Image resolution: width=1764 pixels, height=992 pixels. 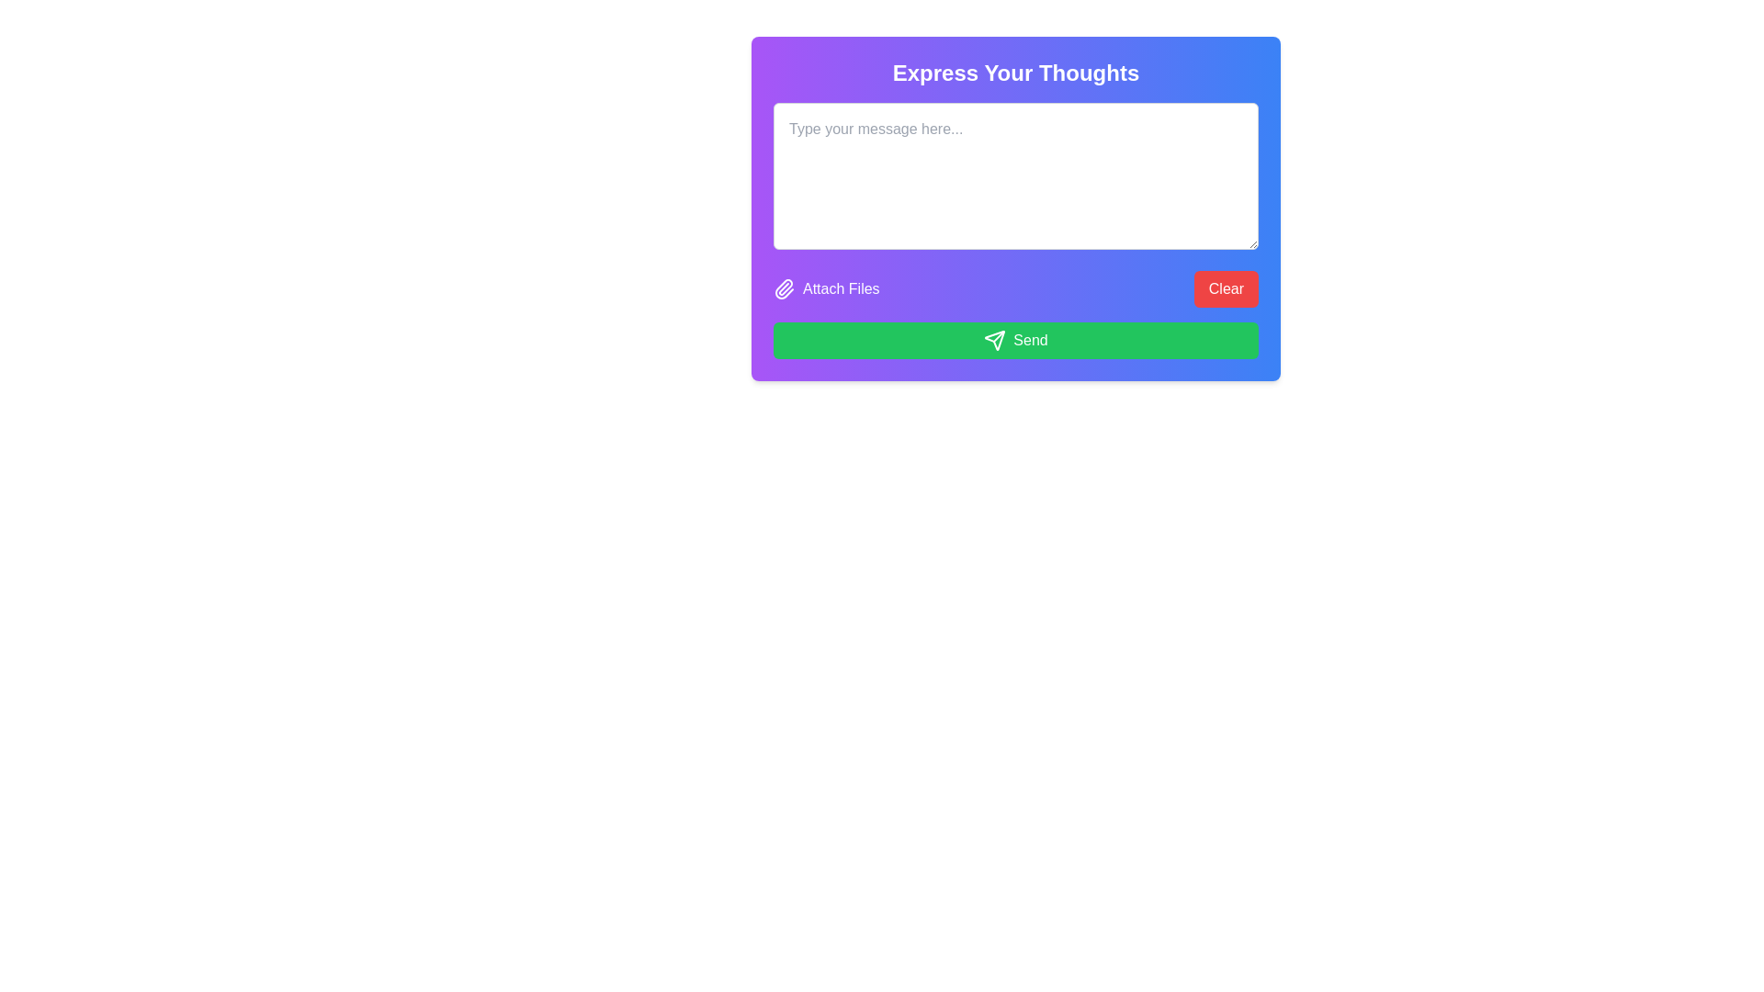 What do you see at coordinates (784, 289) in the screenshot?
I see `the SVG graphic icon representing a paperclip located in the bottom-left corner of the input message field` at bounding box center [784, 289].